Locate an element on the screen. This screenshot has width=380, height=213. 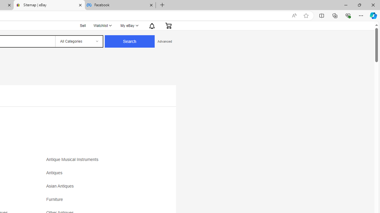
'Sell' is located at coordinates (83, 25).